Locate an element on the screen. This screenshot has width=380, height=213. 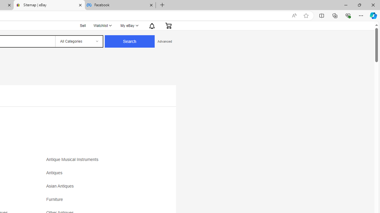
'Sell' is located at coordinates (83, 25).